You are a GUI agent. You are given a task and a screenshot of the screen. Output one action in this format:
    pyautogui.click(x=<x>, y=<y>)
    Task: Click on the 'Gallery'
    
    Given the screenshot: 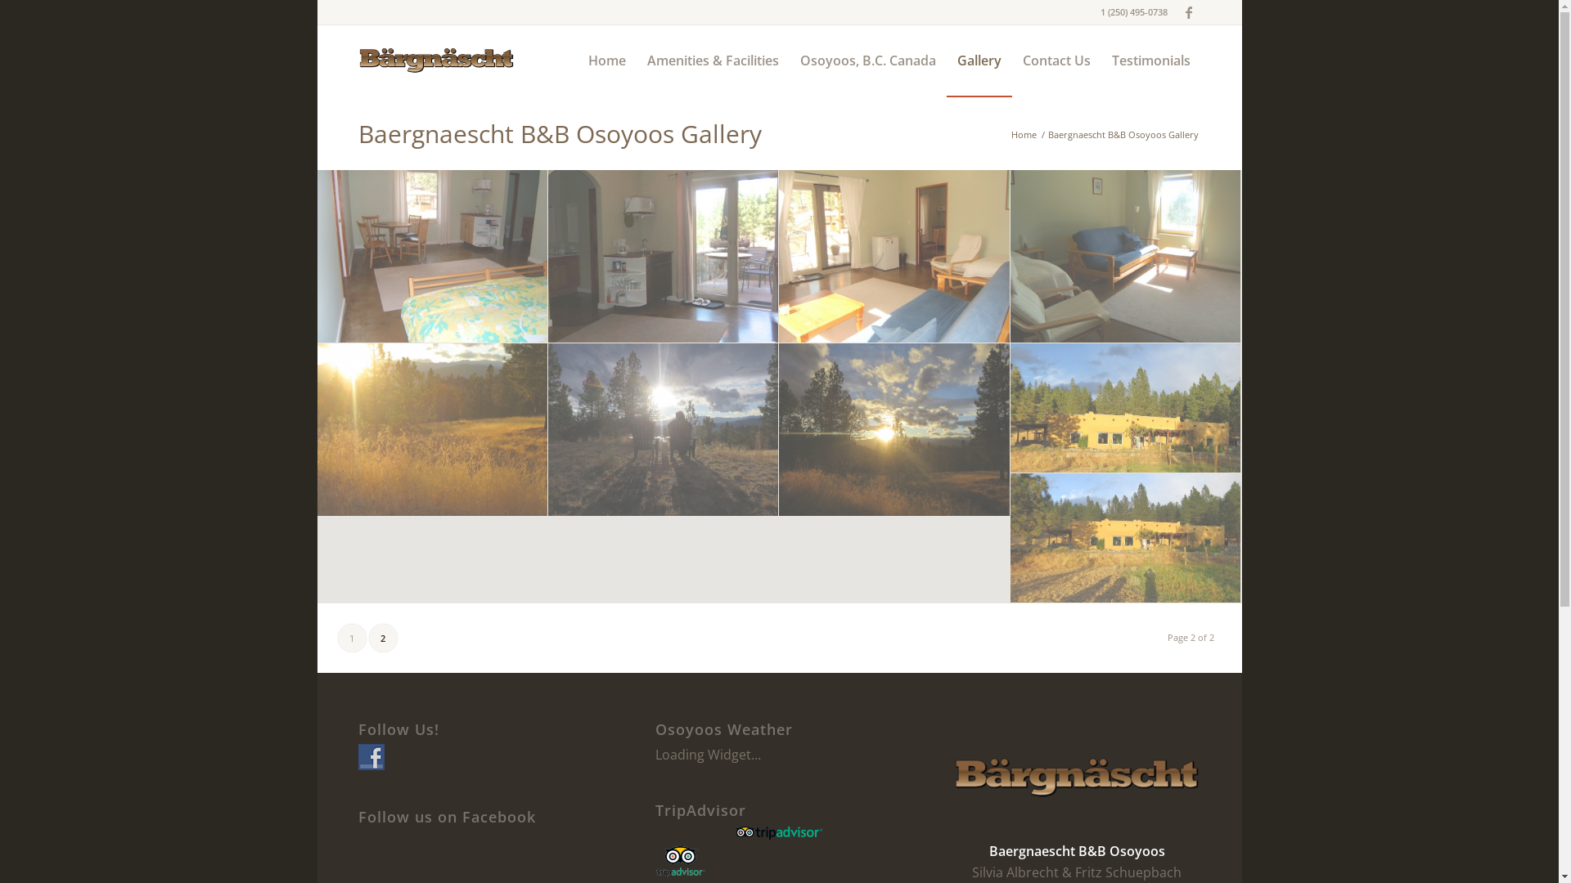 What is the action you would take?
    pyautogui.click(x=946, y=59)
    